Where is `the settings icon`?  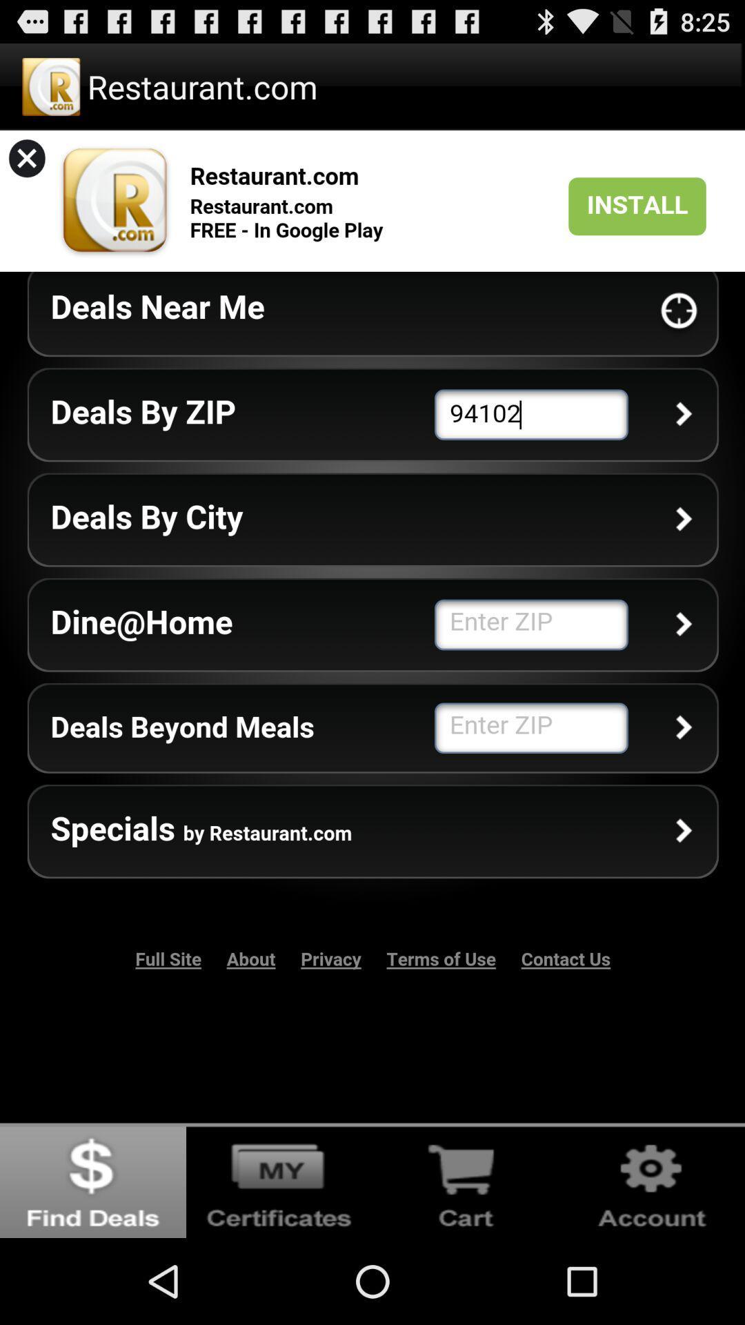 the settings icon is located at coordinates (652, 1263).